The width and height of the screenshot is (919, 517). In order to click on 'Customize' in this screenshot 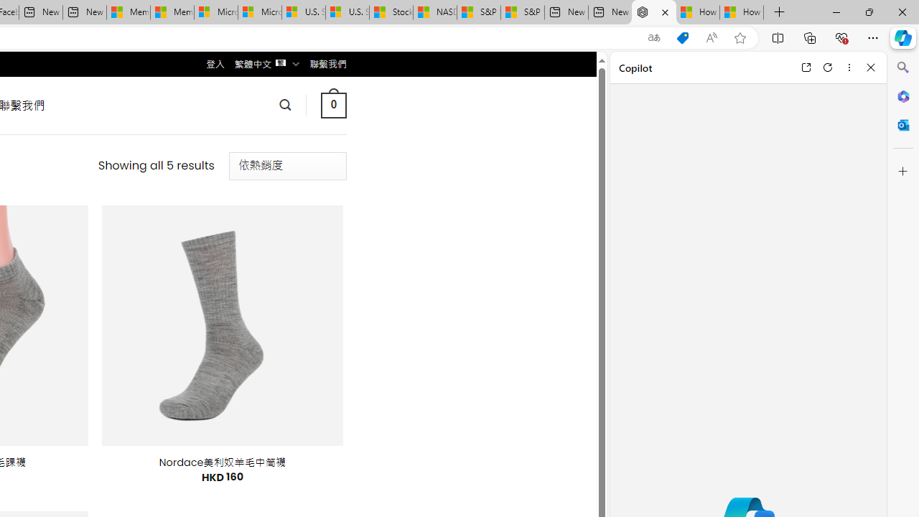, I will do `click(902, 171)`.